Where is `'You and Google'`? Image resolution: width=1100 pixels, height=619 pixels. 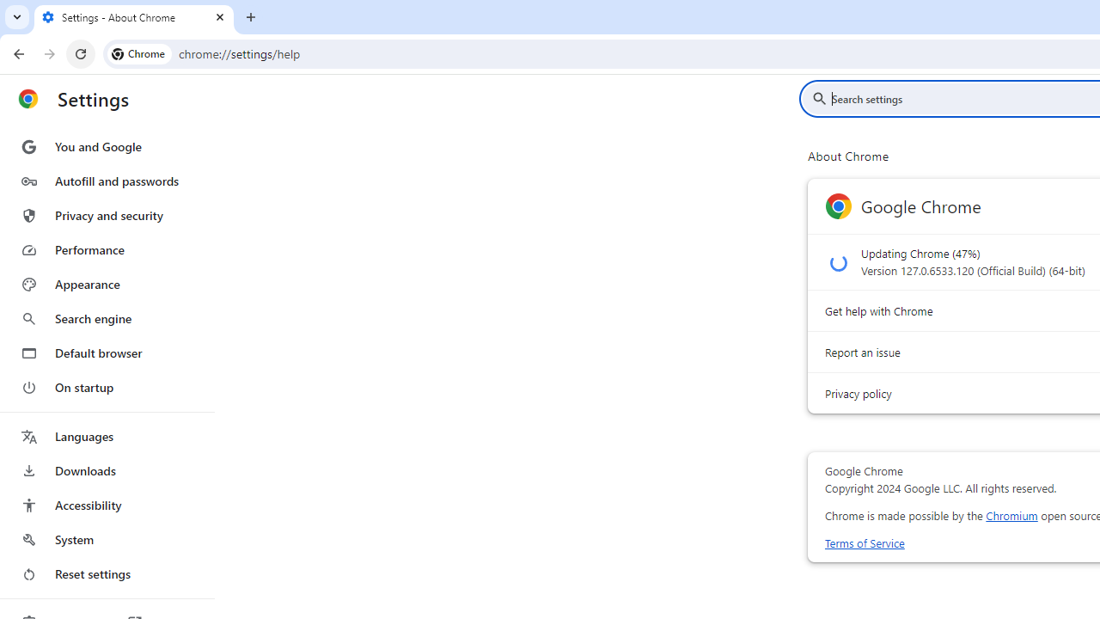 'You and Google' is located at coordinates (106, 146).